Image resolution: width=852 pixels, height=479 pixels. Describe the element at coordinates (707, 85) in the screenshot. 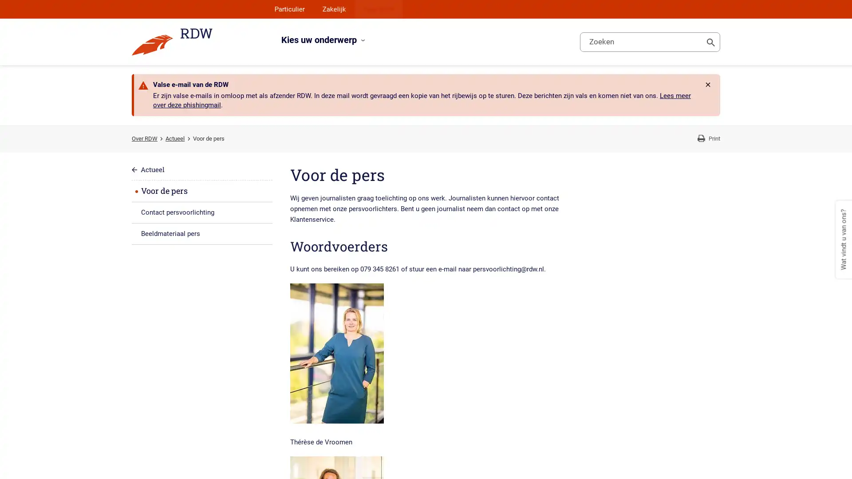

I see `Rdw.Feature.Messages.CloseButtonAccessibleName` at that location.